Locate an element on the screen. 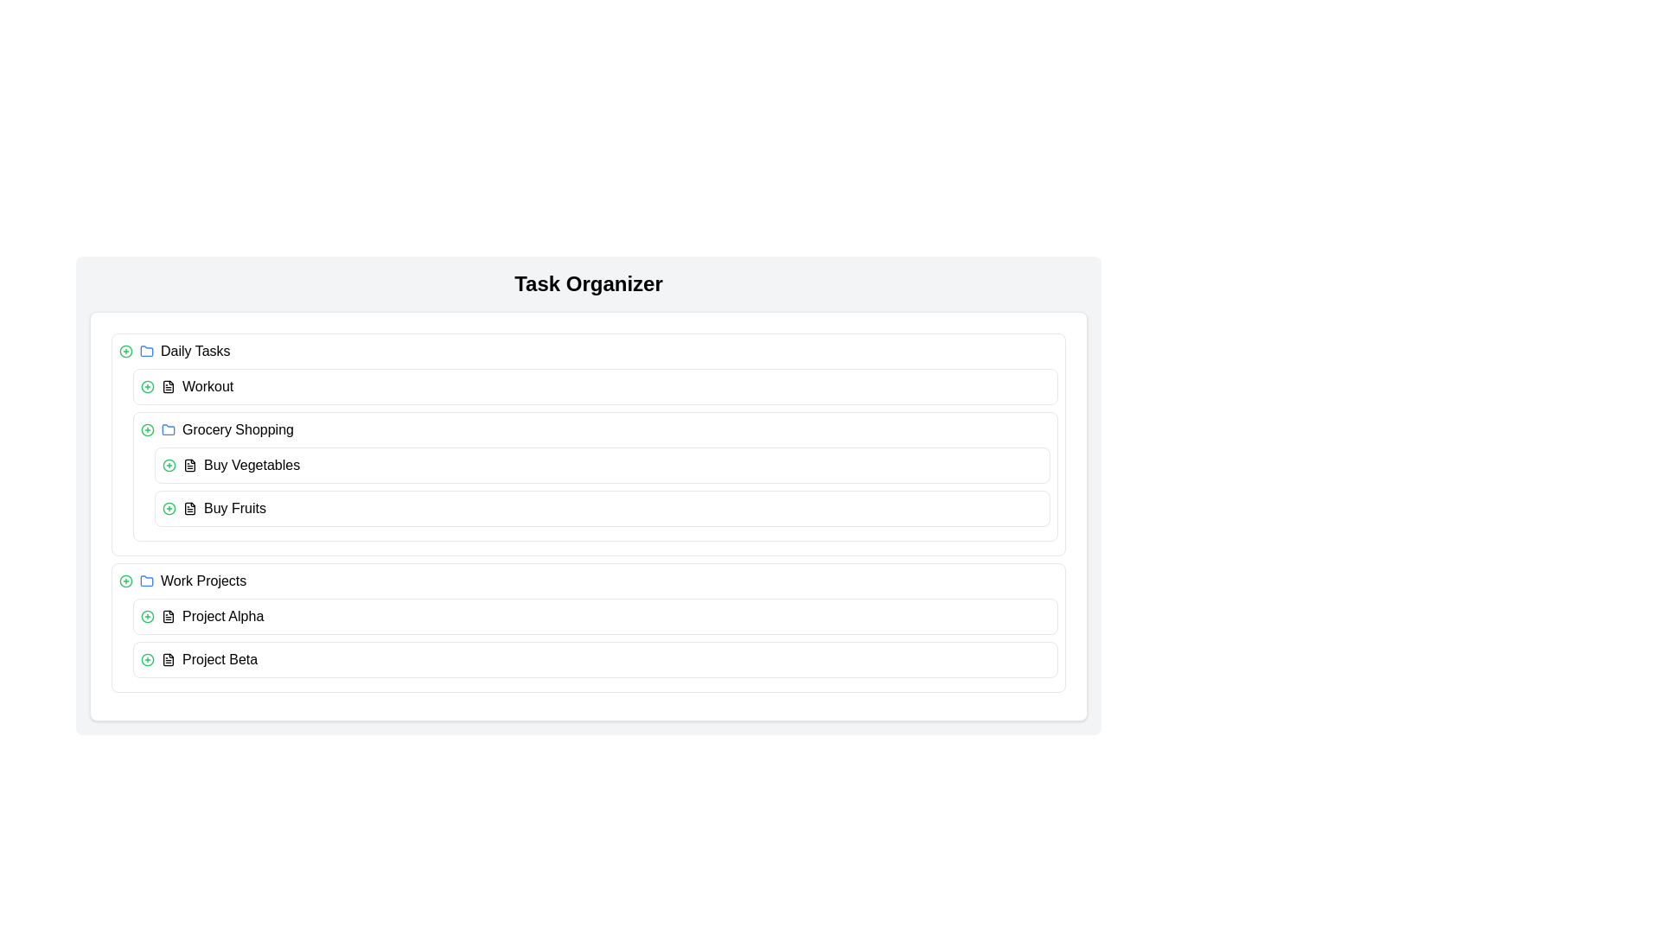 This screenshot has height=933, width=1660. the 'Project Alpha' list item in the 'Work Projects' section is located at coordinates (596, 615).